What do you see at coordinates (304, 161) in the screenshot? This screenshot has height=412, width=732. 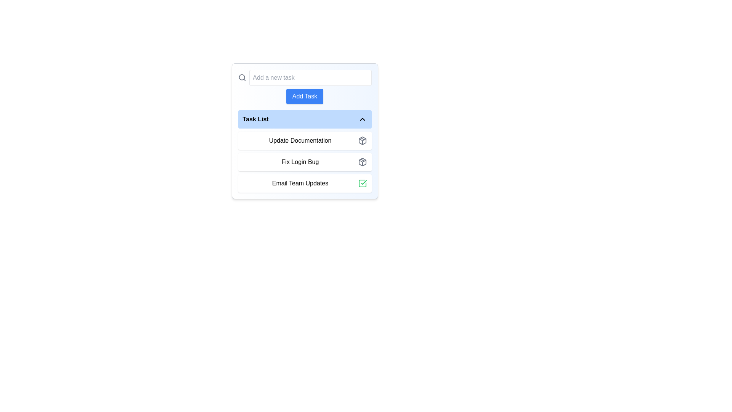 I see `the second task item in the vertical stack under the 'Task List' header` at bounding box center [304, 161].